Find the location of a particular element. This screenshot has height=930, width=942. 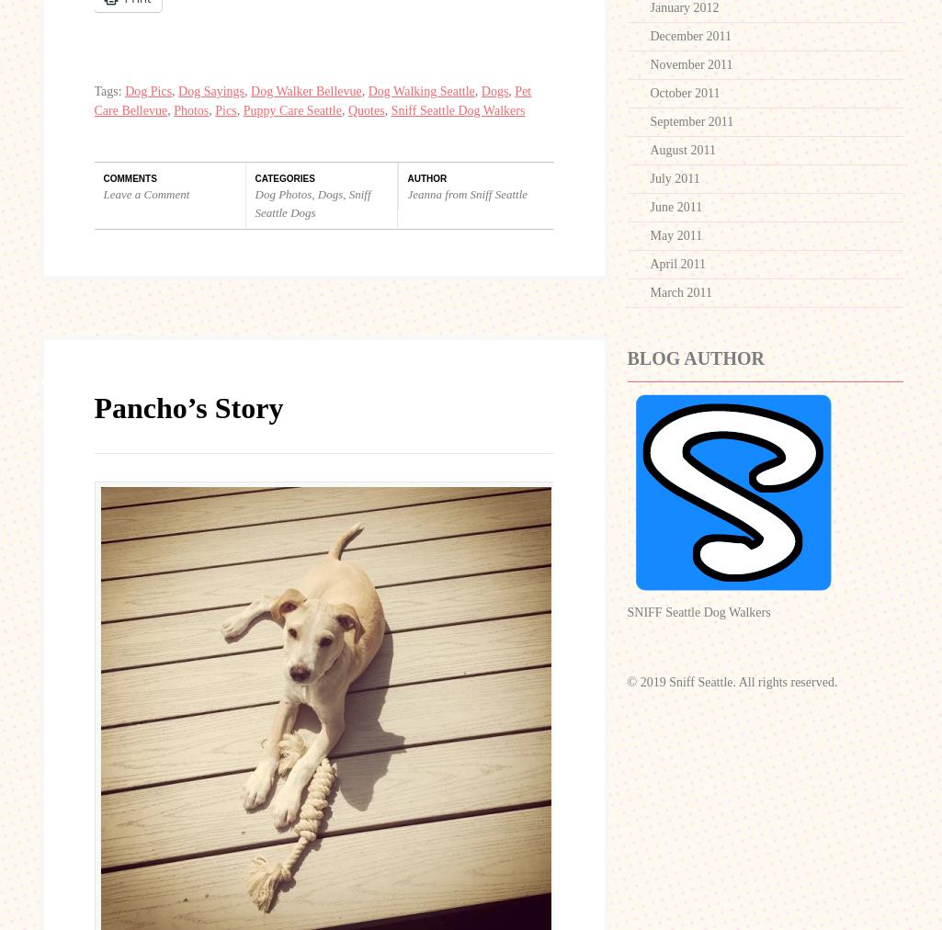

'September 2011' is located at coordinates (691, 121).